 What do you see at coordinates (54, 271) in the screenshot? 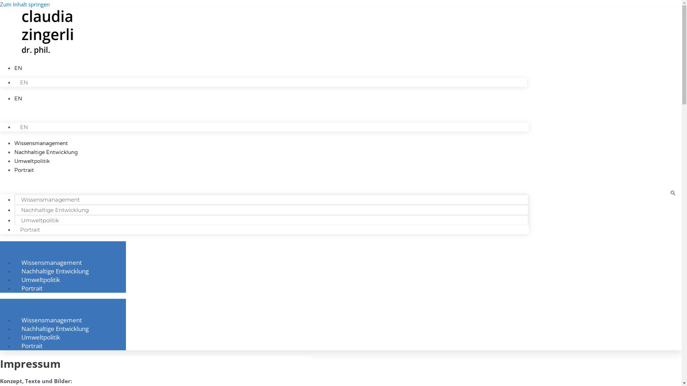
I see `'Nachhaltige Entwicklung'` at bounding box center [54, 271].